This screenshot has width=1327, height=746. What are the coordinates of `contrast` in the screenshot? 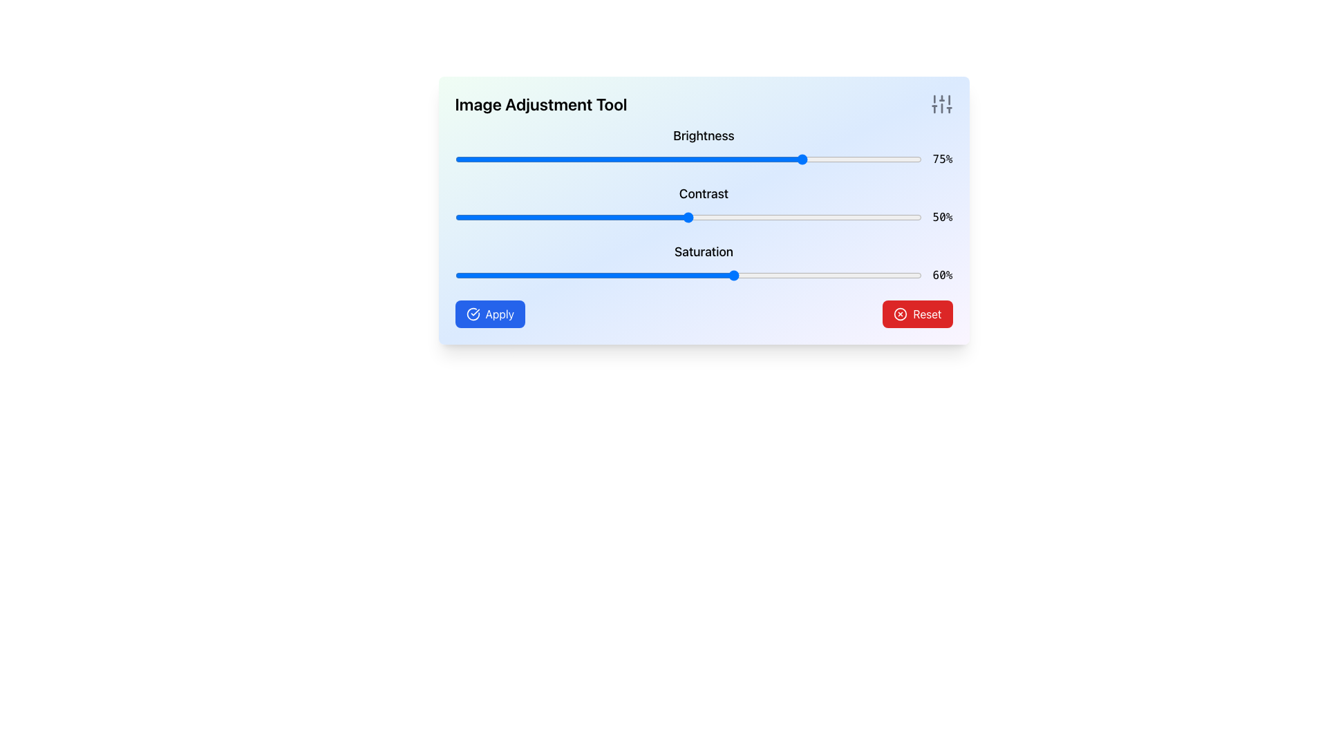 It's located at (646, 218).